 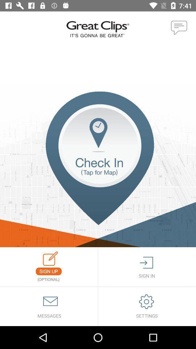 What do you see at coordinates (179, 28) in the screenshot?
I see `chat message` at bounding box center [179, 28].